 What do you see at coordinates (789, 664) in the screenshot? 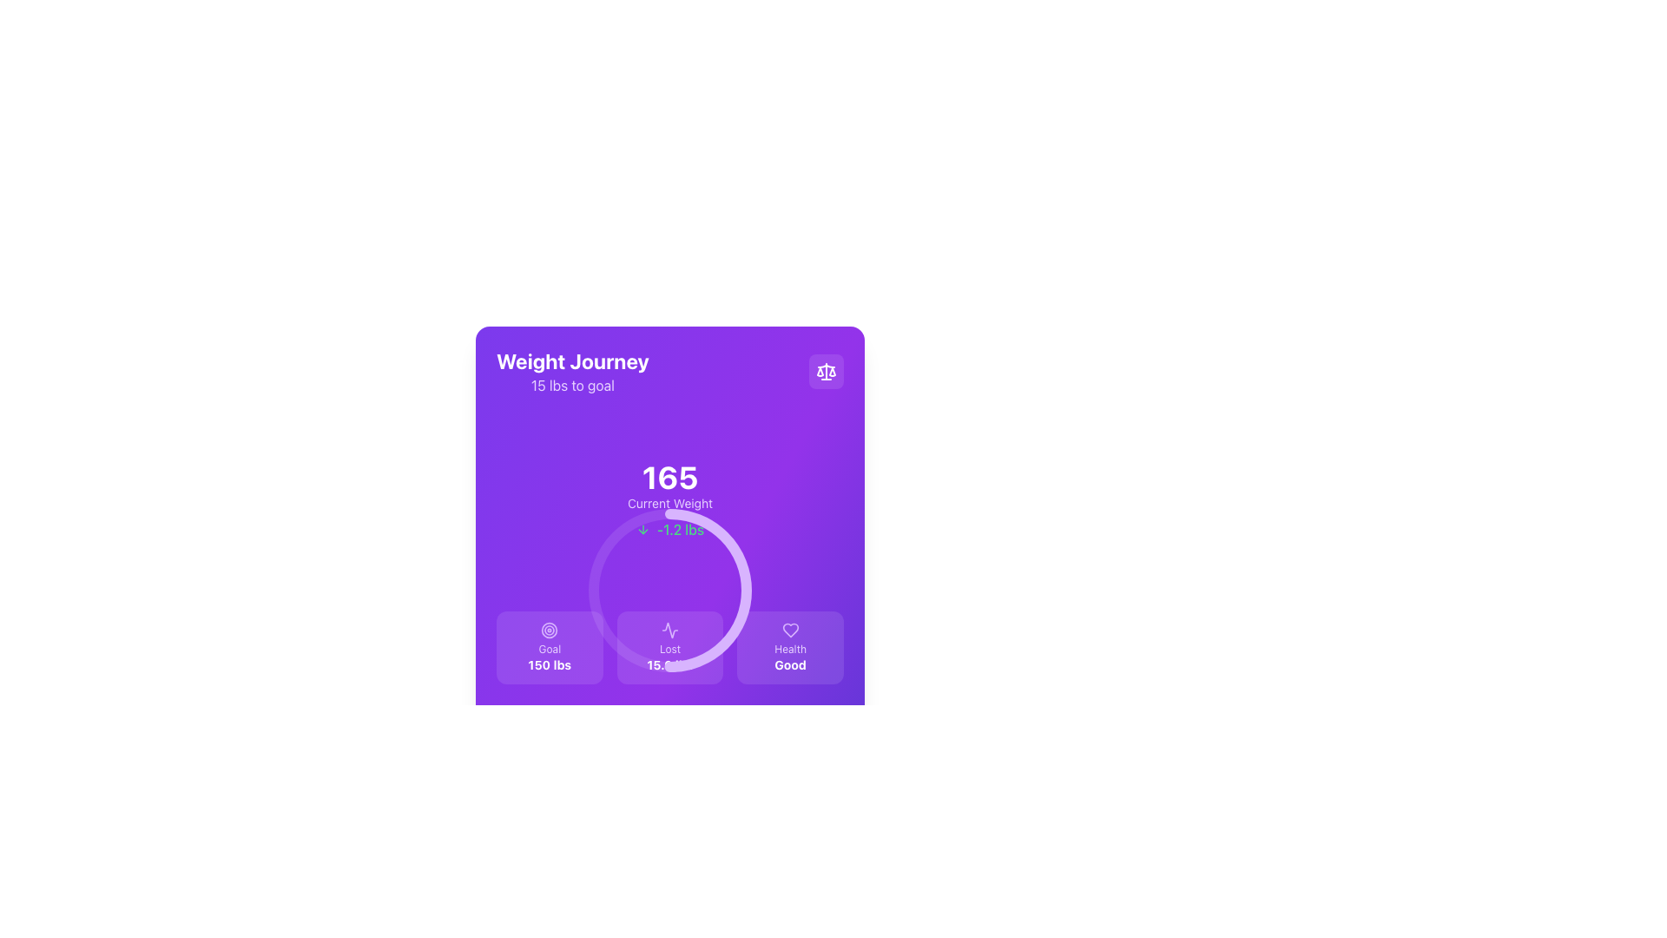
I see `the 'Health' status indicator text labeled as 'Good', located at the bottom of the rightmost tile in a row of three tiles` at bounding box center [789, 664].